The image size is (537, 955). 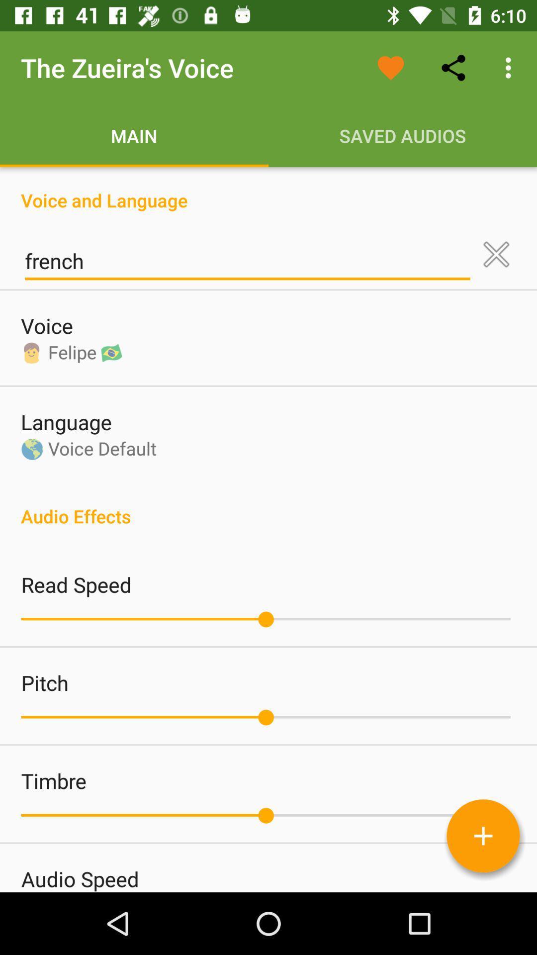 What do you see at coordinates (483, 836) in the screenshot?
I see `icon to the right of the audio speed icon` at bounding box center [483, 836].